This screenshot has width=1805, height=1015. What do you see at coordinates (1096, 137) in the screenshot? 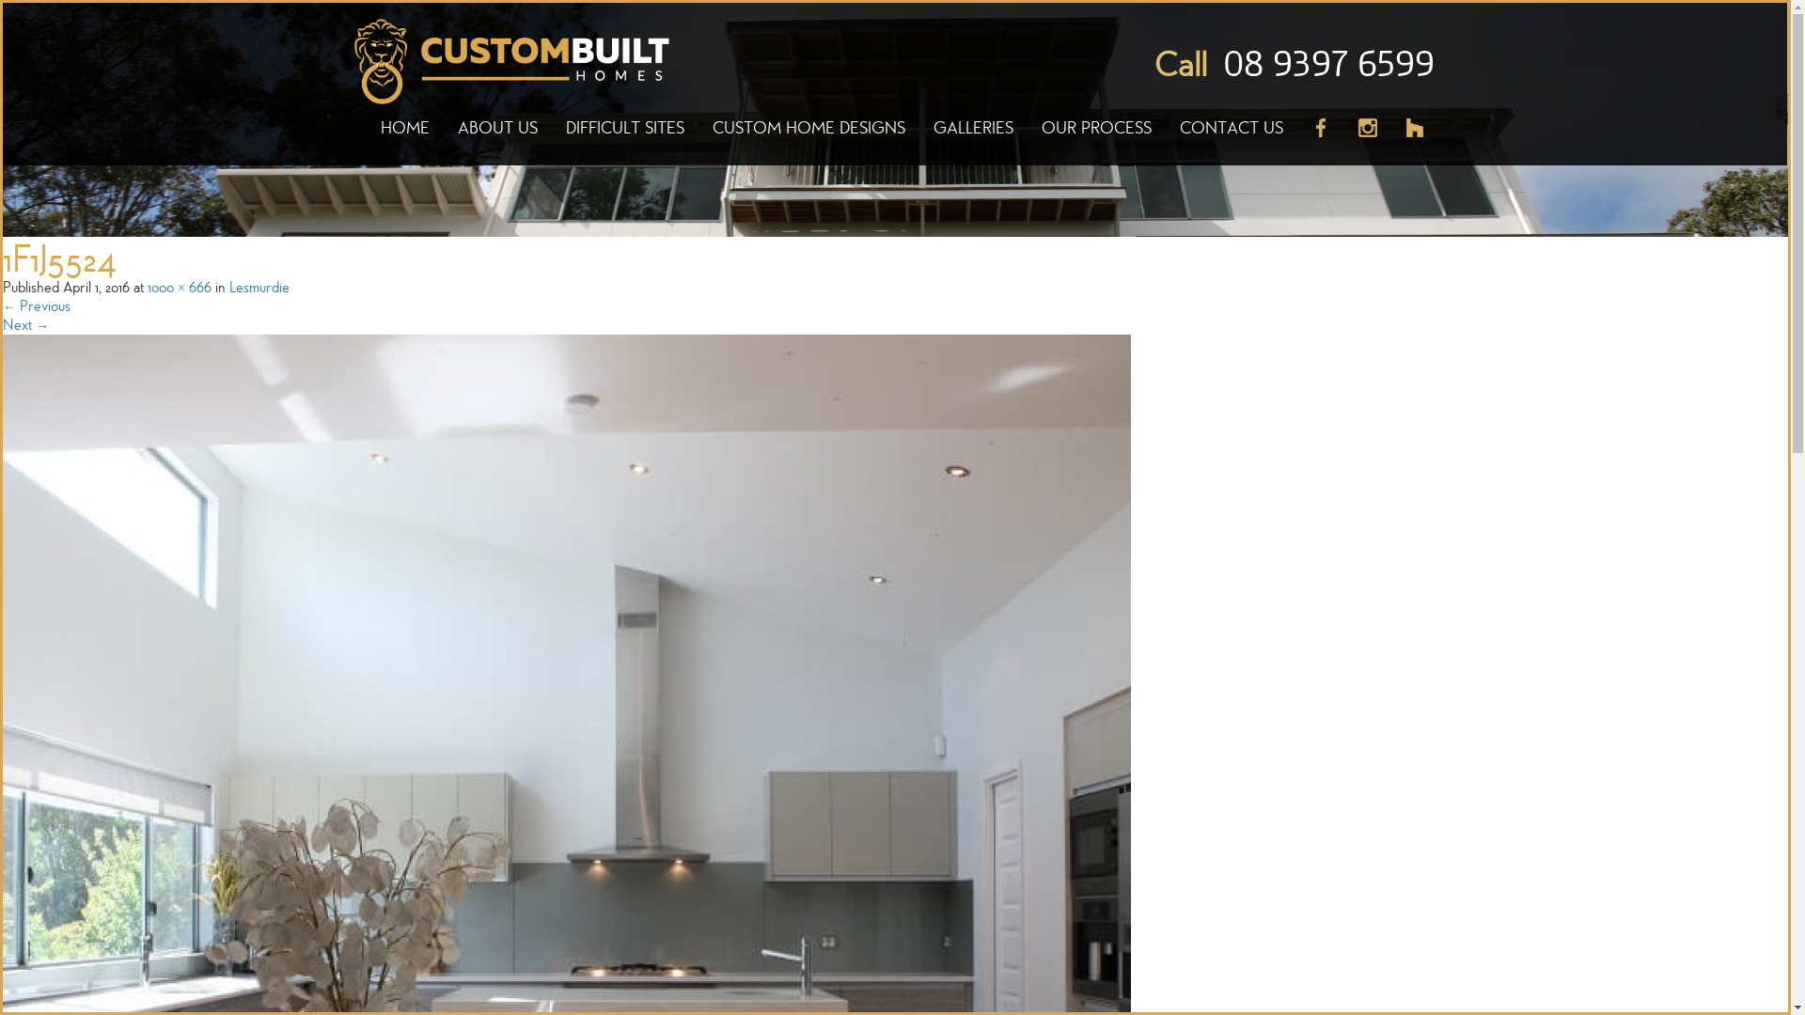
I see `'OUR PROCESS'` at bounding box center [1096, 137].